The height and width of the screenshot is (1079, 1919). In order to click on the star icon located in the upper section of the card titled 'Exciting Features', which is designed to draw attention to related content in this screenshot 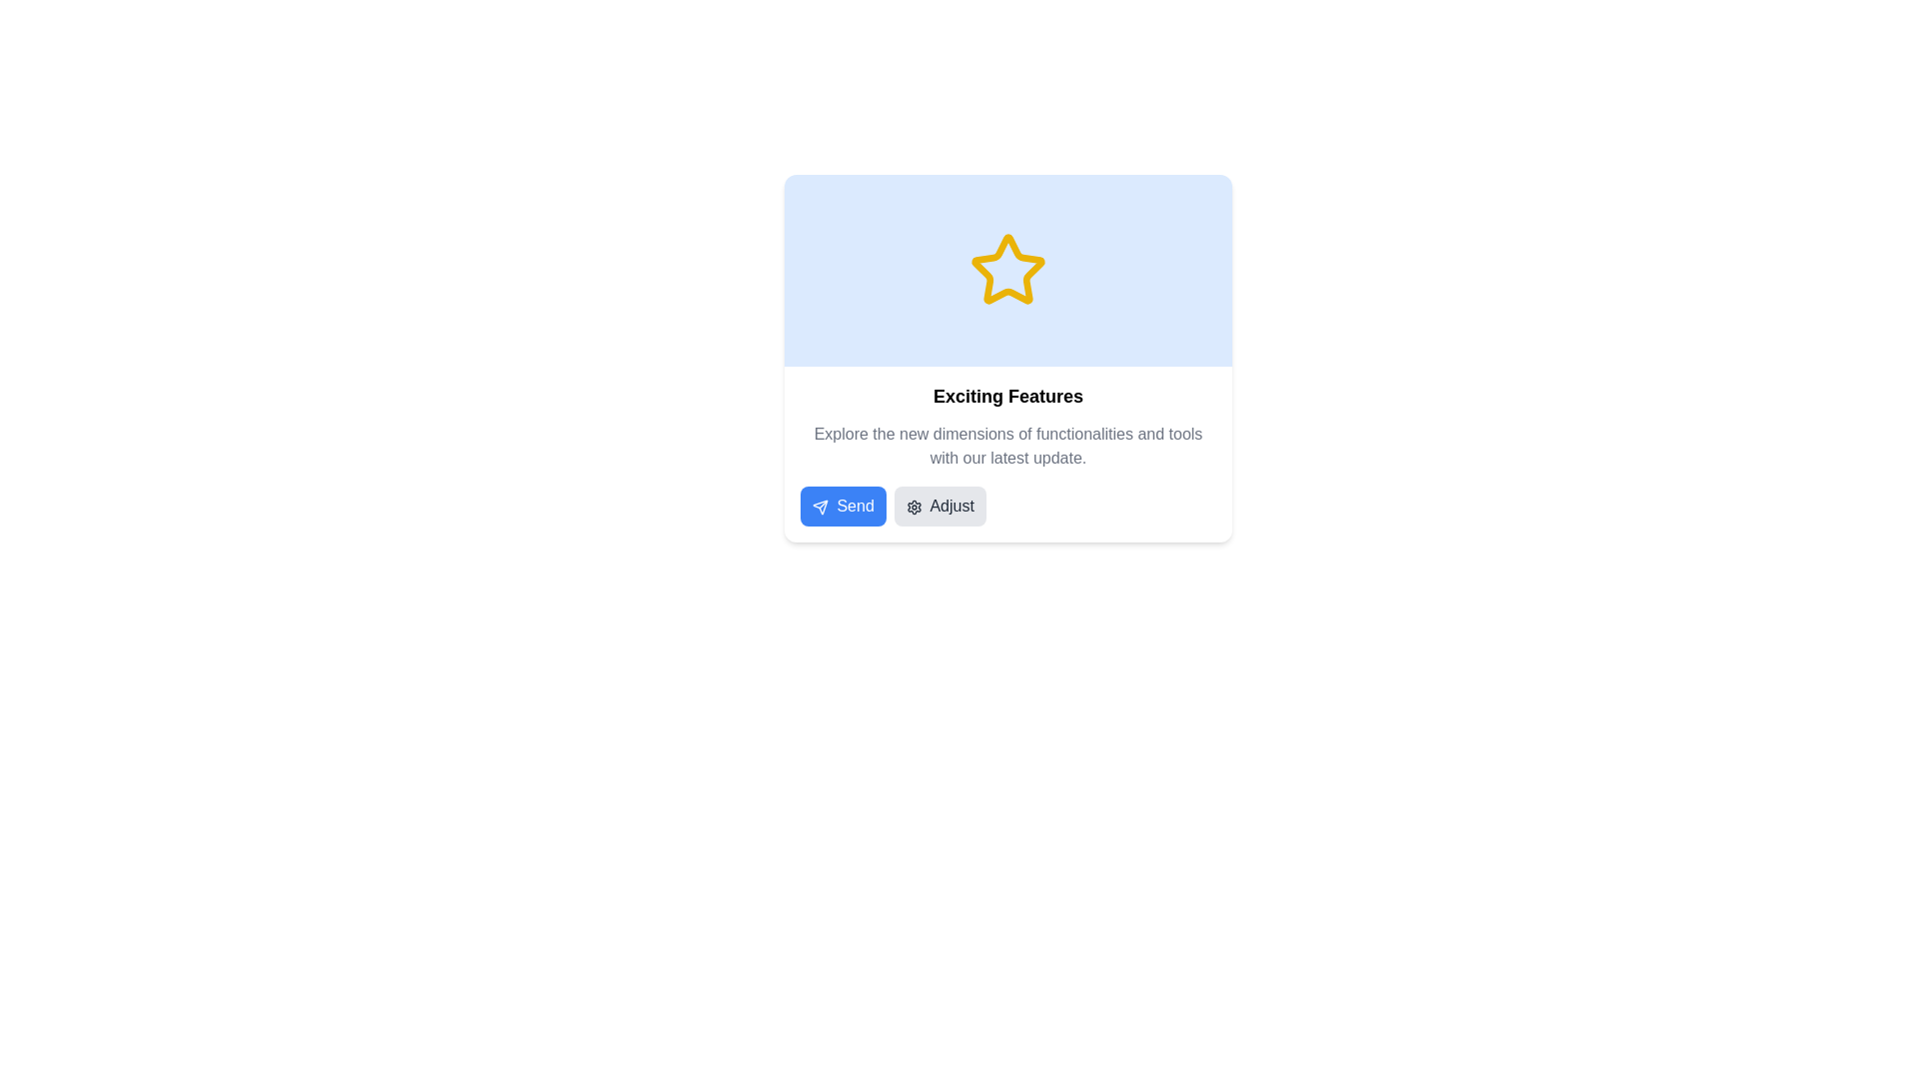, I will do `click(1007, 268)`.